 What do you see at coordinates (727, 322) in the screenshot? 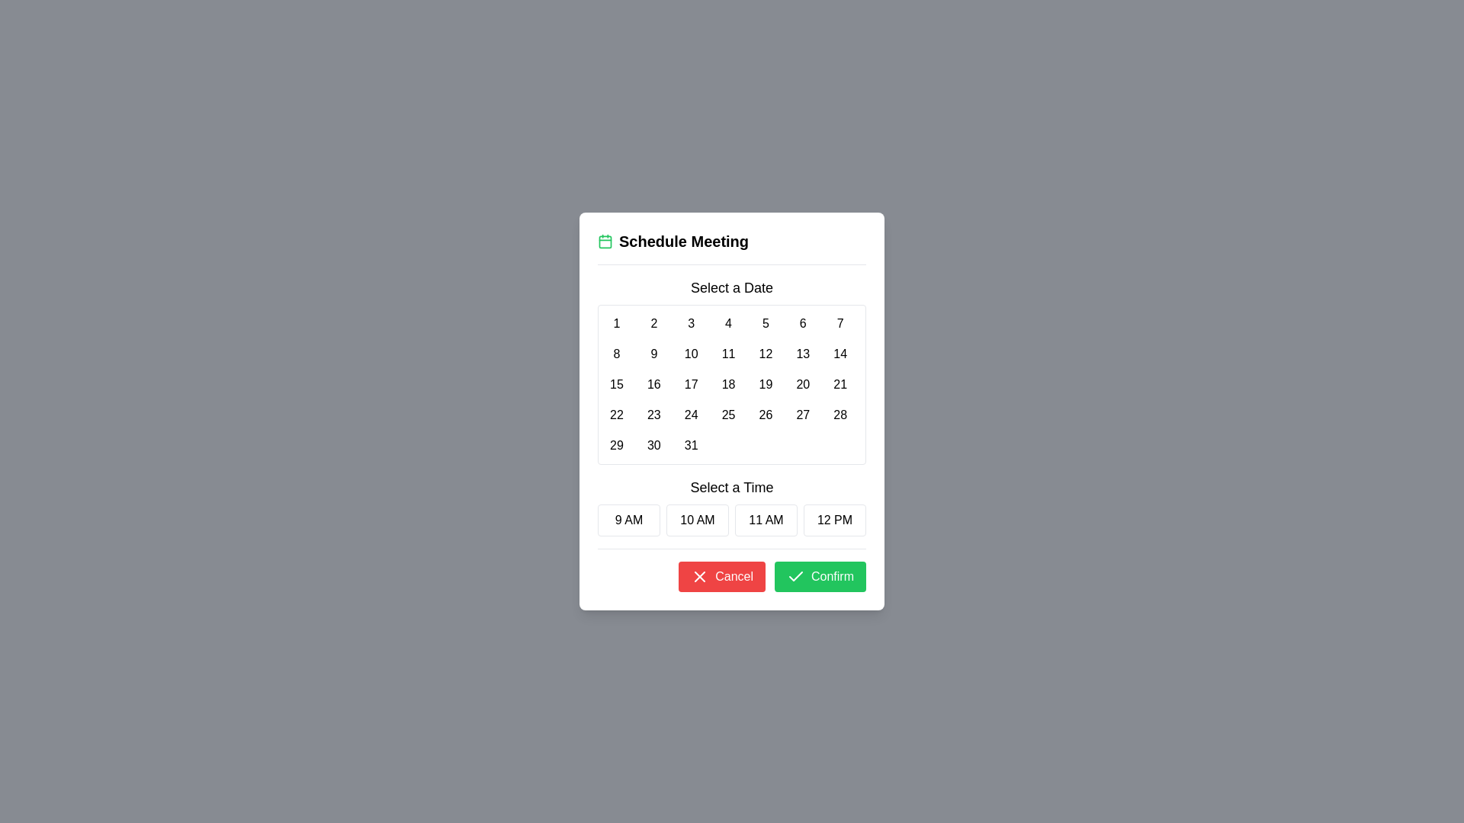
I see `the fourth button in the first row of the date selection grid within the 'Schedule Meeting' modal` at bounding box center [727, 322].